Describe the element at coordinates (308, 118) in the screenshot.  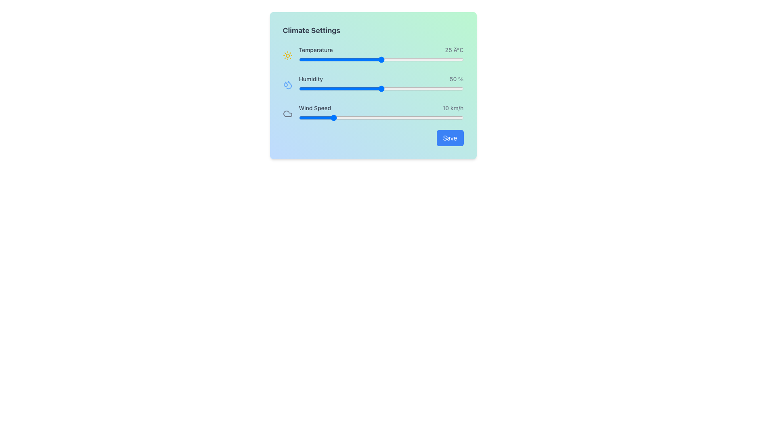
I see `wind speed` at that location.